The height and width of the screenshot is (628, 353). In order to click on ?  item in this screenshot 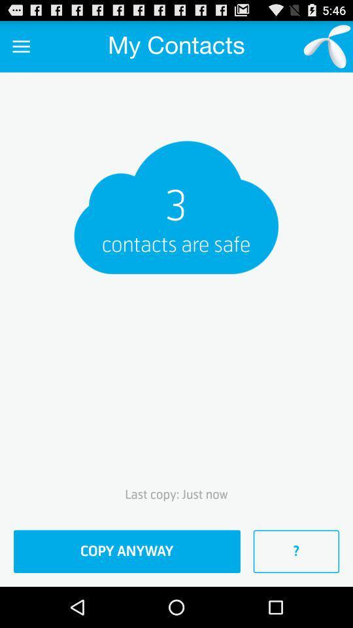, I will do `click(296, 551)`.